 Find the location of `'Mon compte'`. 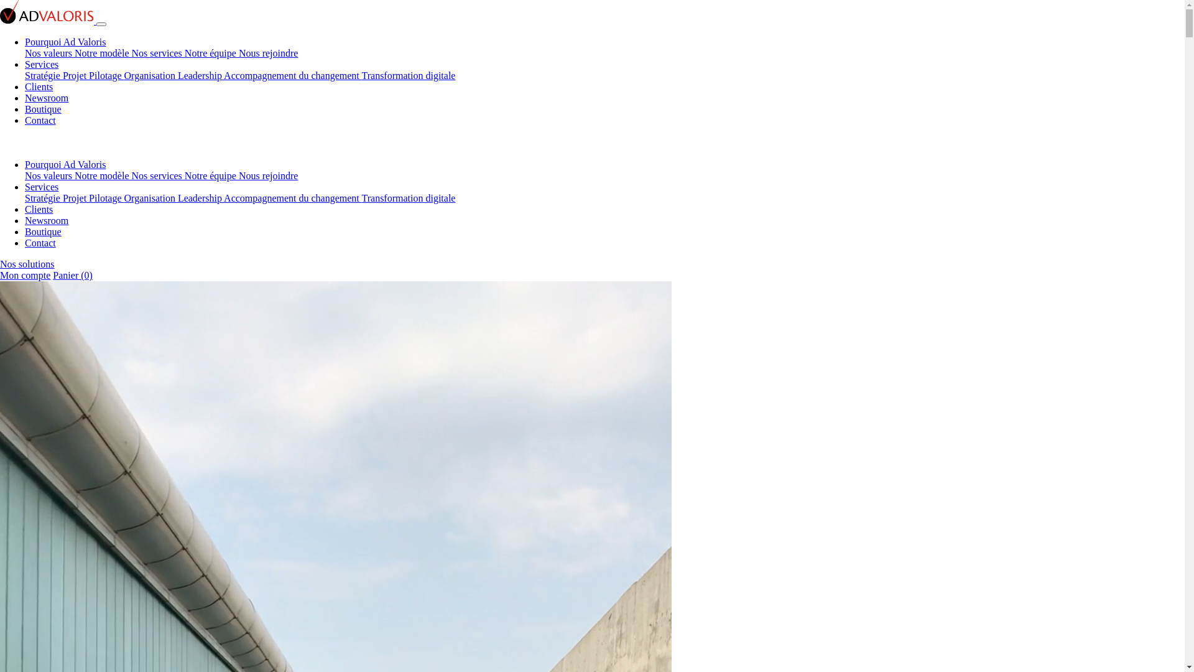

'Mon compte' is located at coordinates (0, 274).